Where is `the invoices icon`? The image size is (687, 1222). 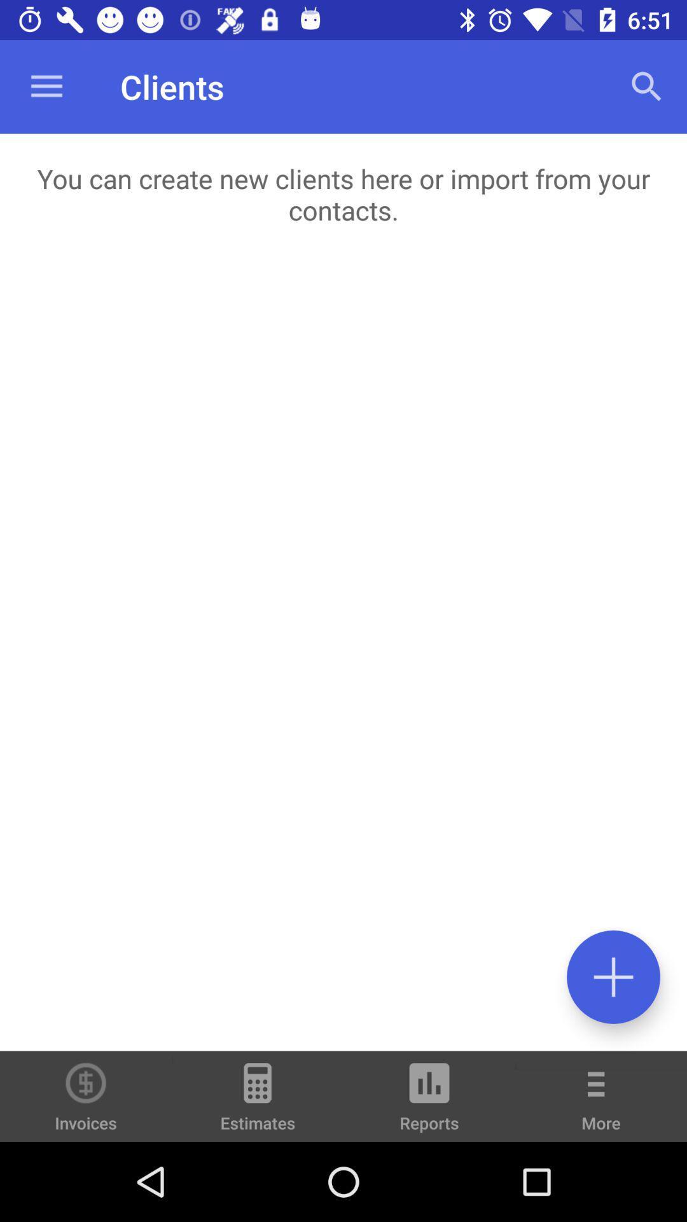
the invoices icon is located at coordinates (86, 1095).